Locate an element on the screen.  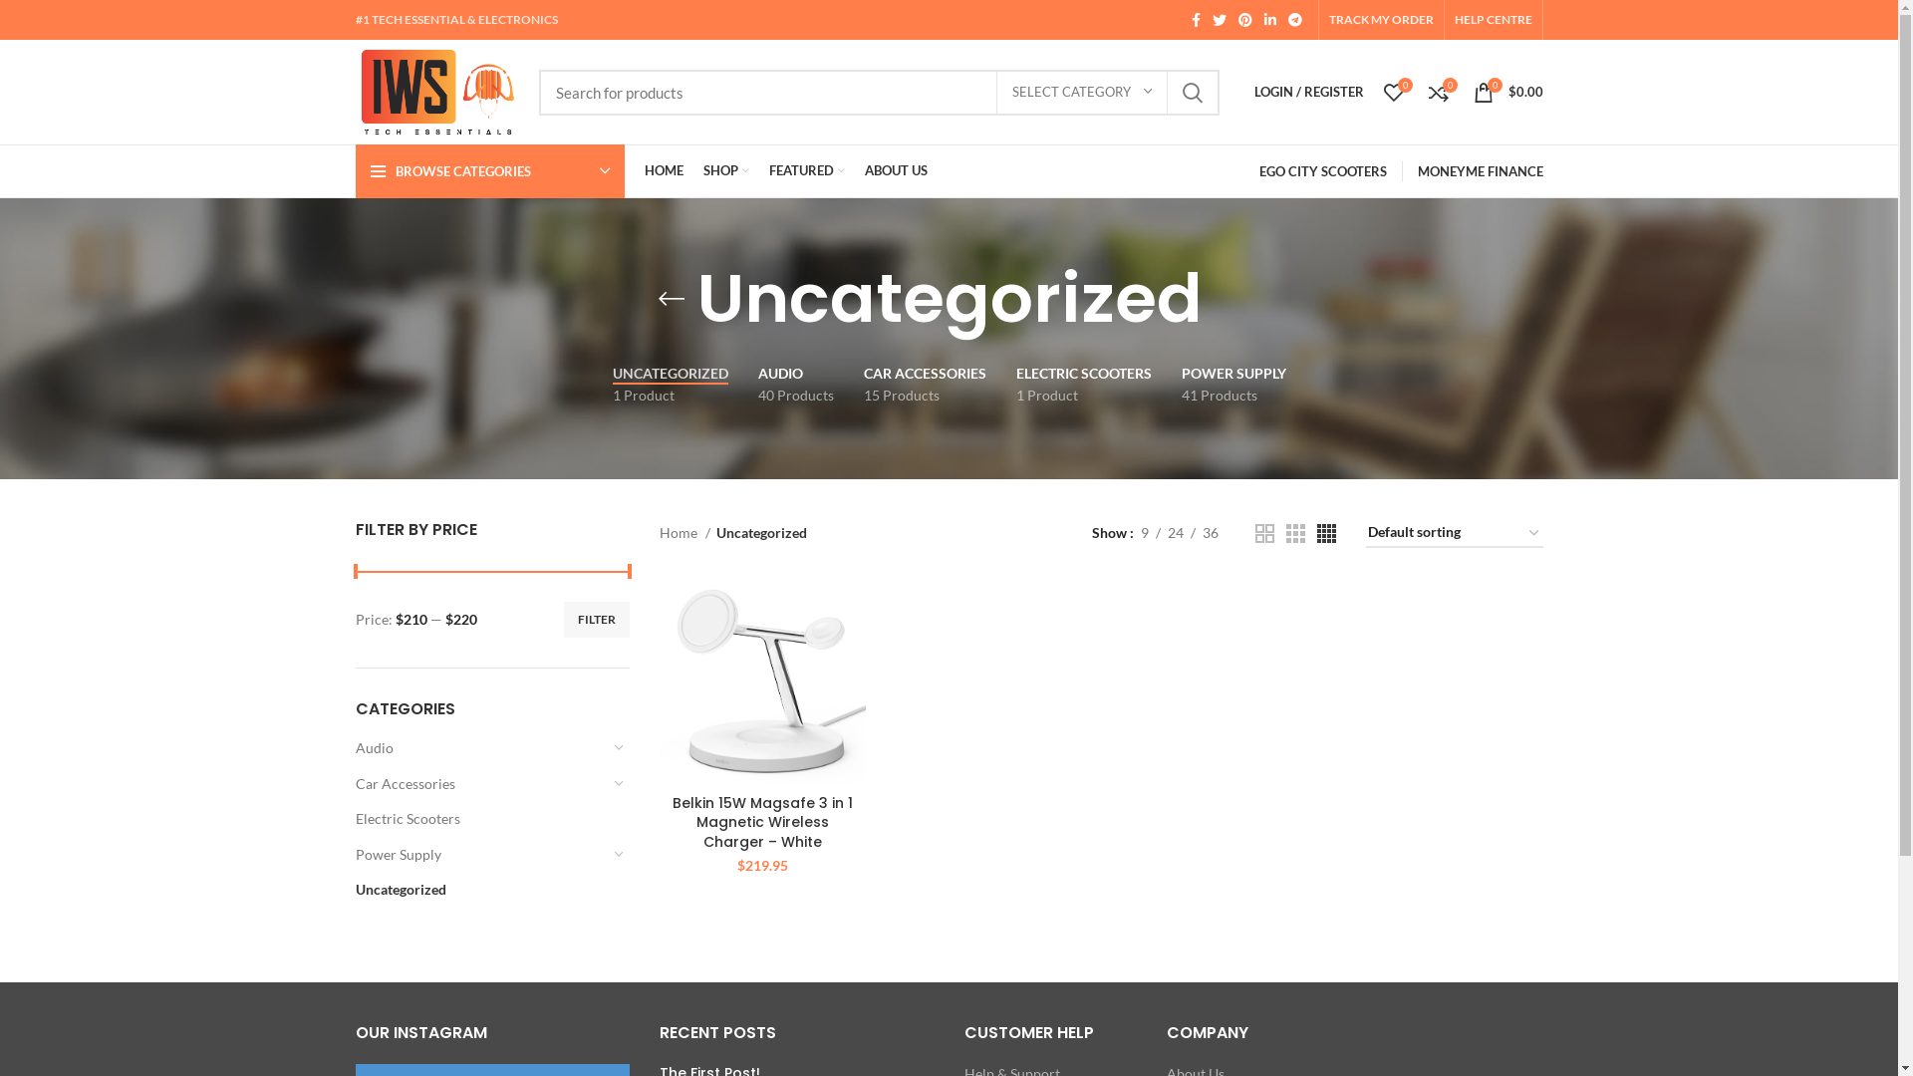
'36' is located at coordinates (1209, 532).